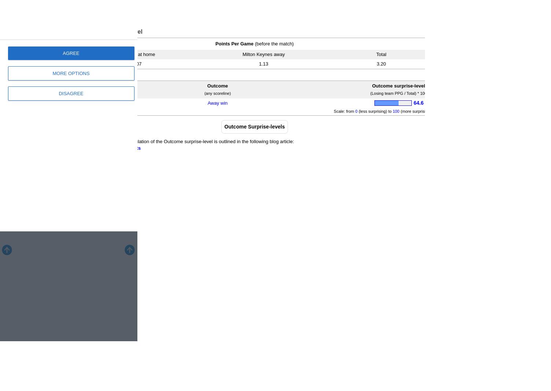  Describe the element at coordinates (136, 63) in the screenshot. I see `'2.07'` at that location.